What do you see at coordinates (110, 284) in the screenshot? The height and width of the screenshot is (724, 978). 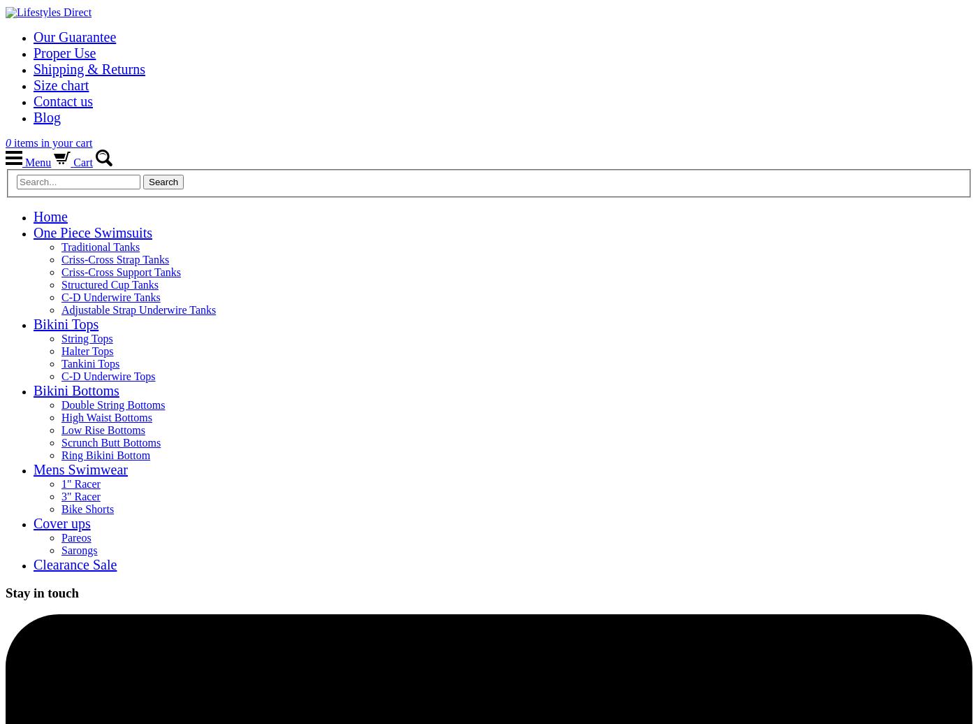 I see `'Structured Cup Tanks'` at bounding box center [110, 284].